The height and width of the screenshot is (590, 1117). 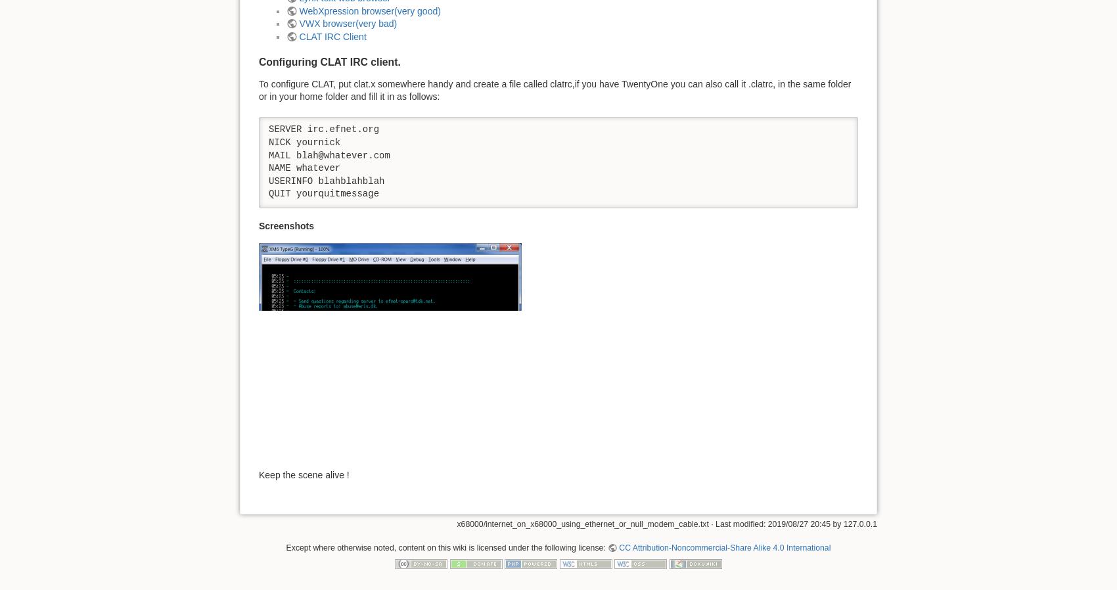 What do you see at coordinates (724, 547) in the screenshot?
I see `'CC Attribution-Noncommercial-Share Alike 4.0 International'` at bounding box center [724, 547].